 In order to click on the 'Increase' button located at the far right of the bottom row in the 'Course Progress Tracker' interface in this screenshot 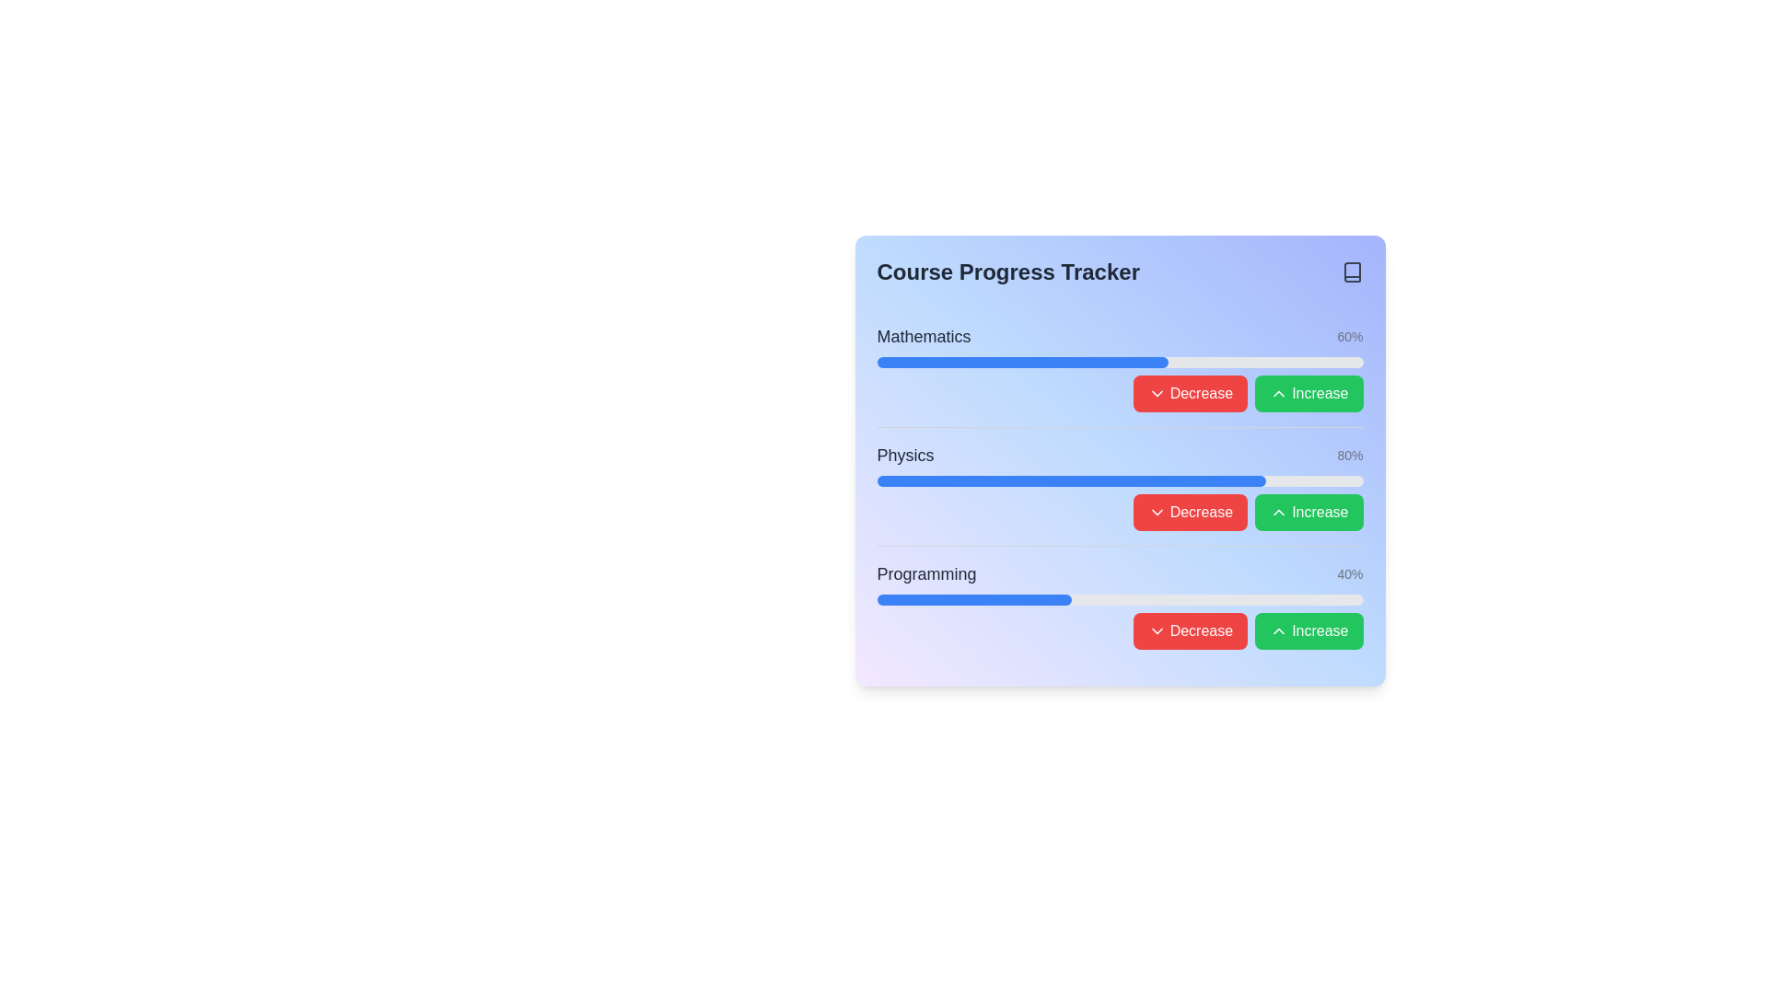, I will do `click(1308, 630)`.